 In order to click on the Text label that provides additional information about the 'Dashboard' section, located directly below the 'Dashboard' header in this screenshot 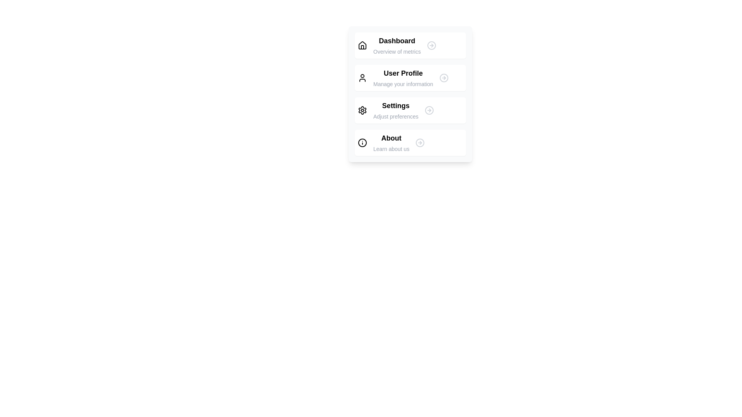, I will do `click(397, 52)`.